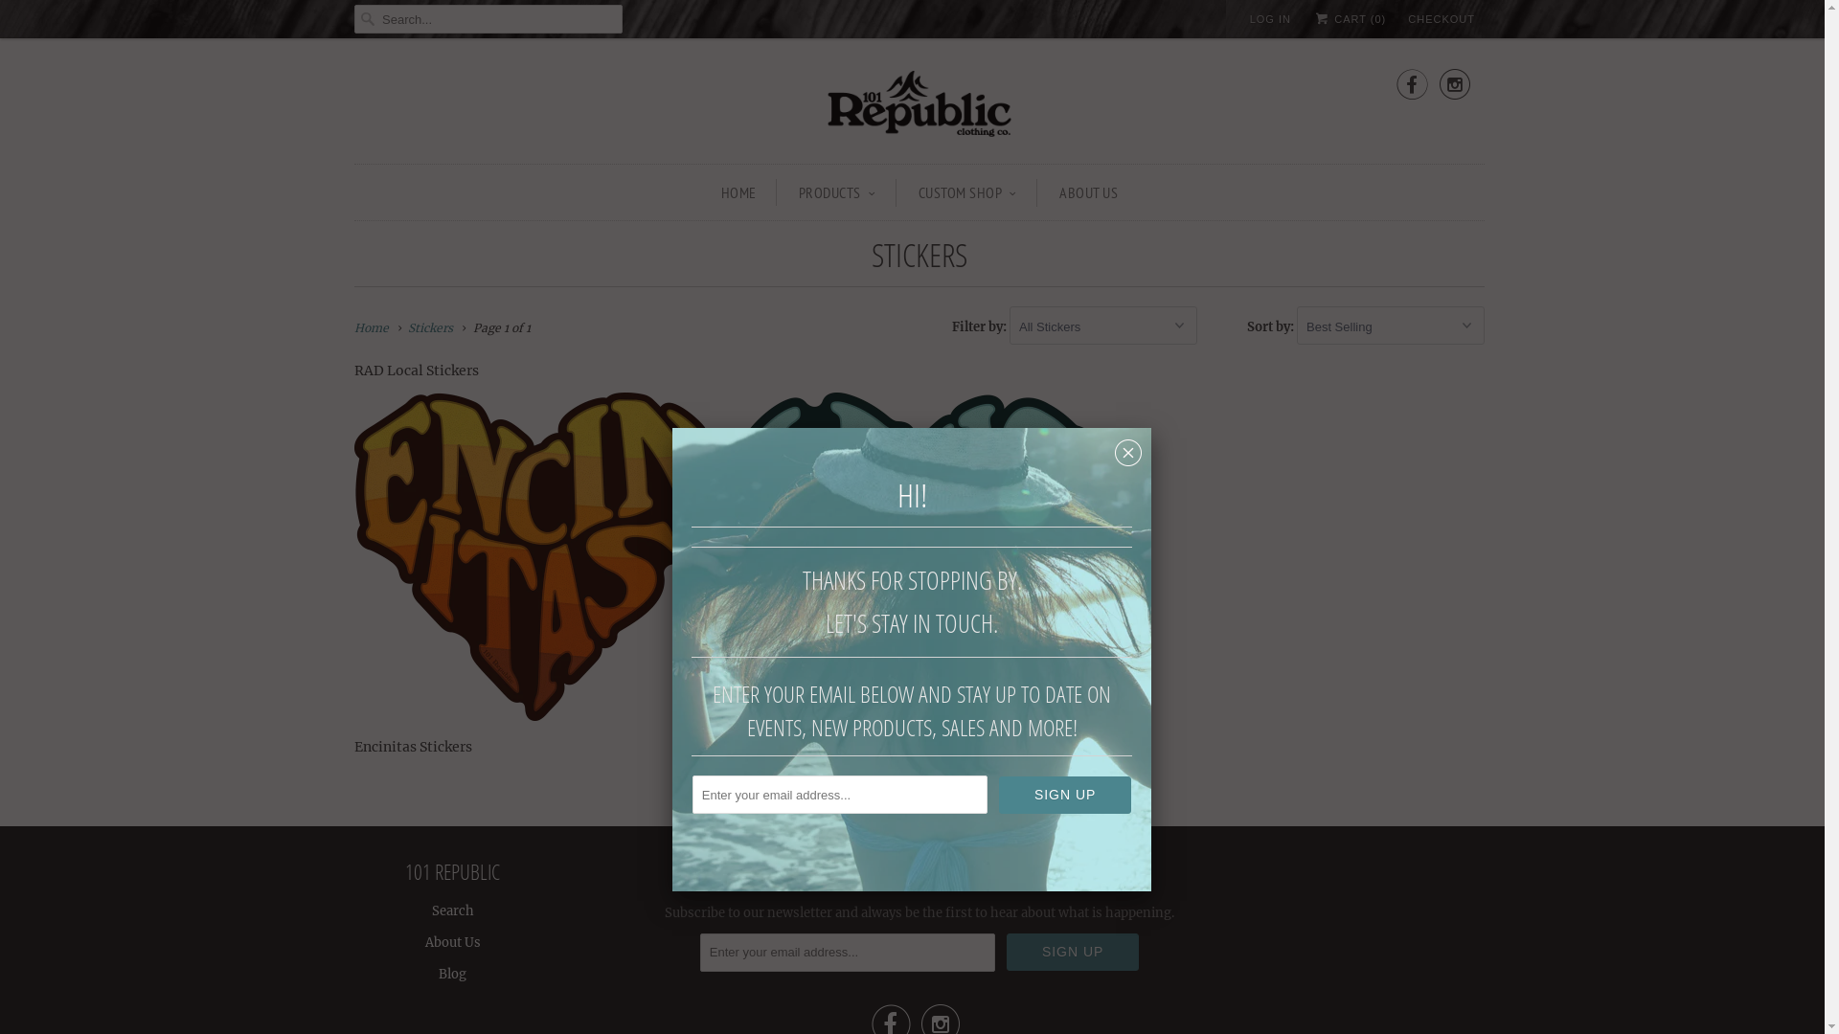 This screenshot has height=1034, width=1839. What do you see at coordinates (1088, 191) in the screenshot?
I see `'ABOUT US'` at bounding box center [1088, 191].